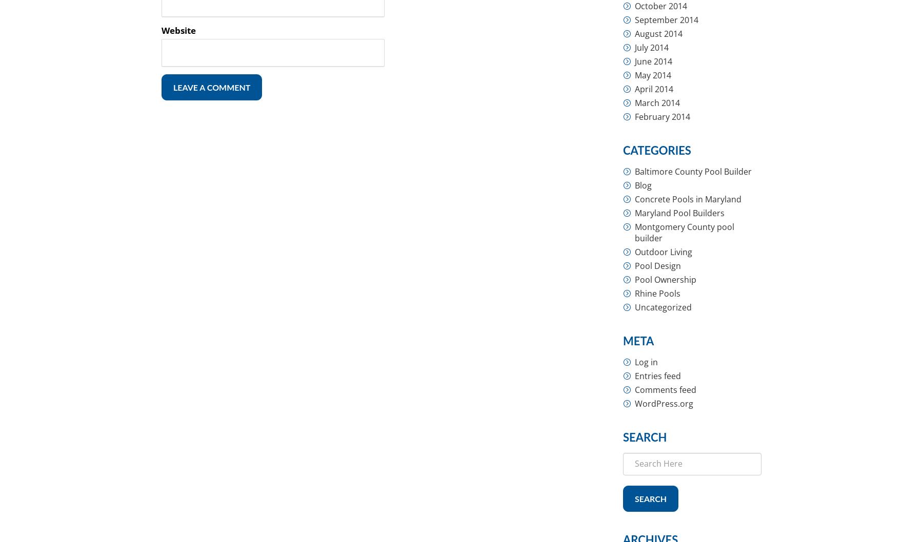 This screenshot has width=923, height=542. I want to click on 'Rhine Pools', so click(657, 294).